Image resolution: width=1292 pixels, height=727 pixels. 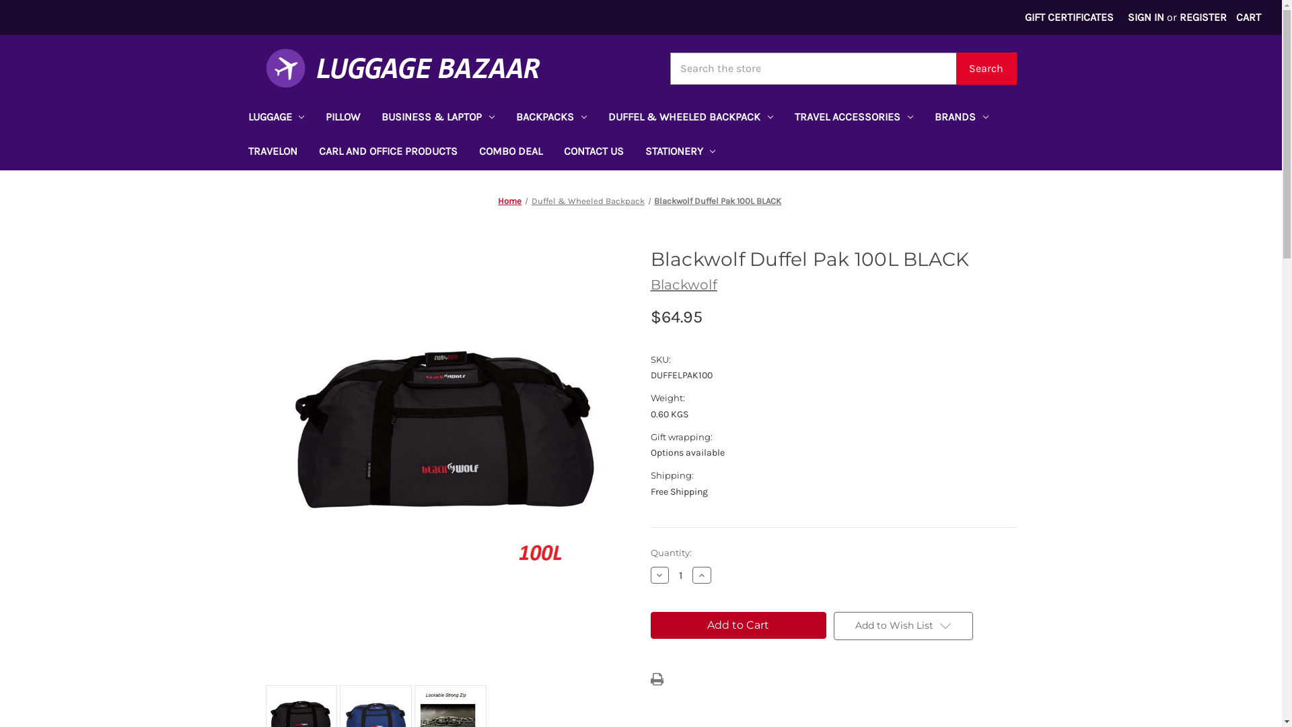 I want to click on 'REGISTER', so click(x=1203, y=18).